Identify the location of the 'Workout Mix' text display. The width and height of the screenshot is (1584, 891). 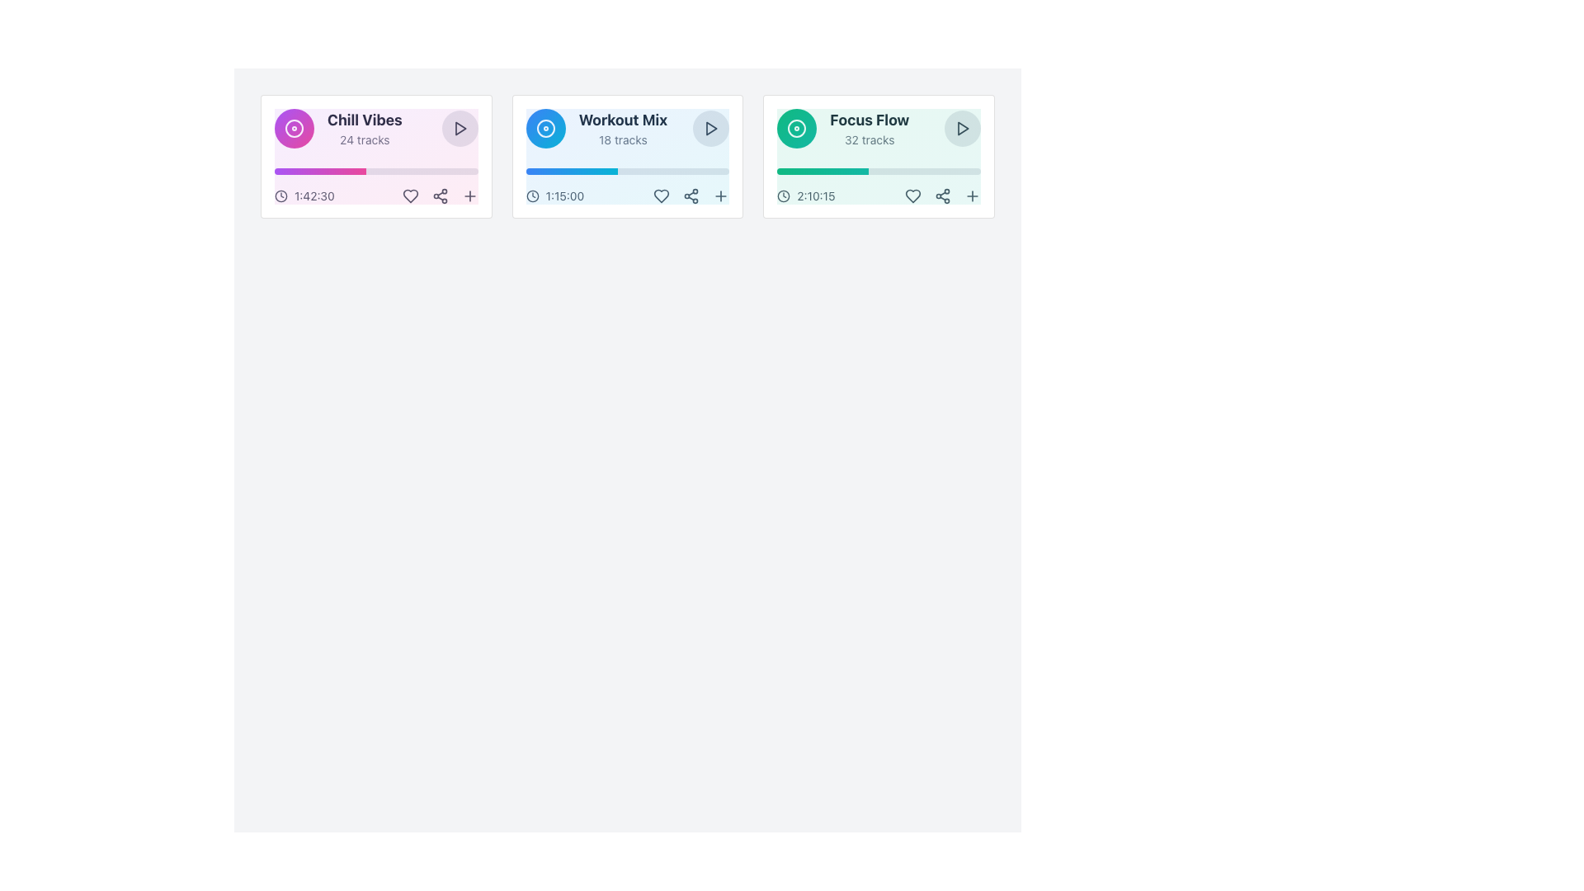
(626, 127).